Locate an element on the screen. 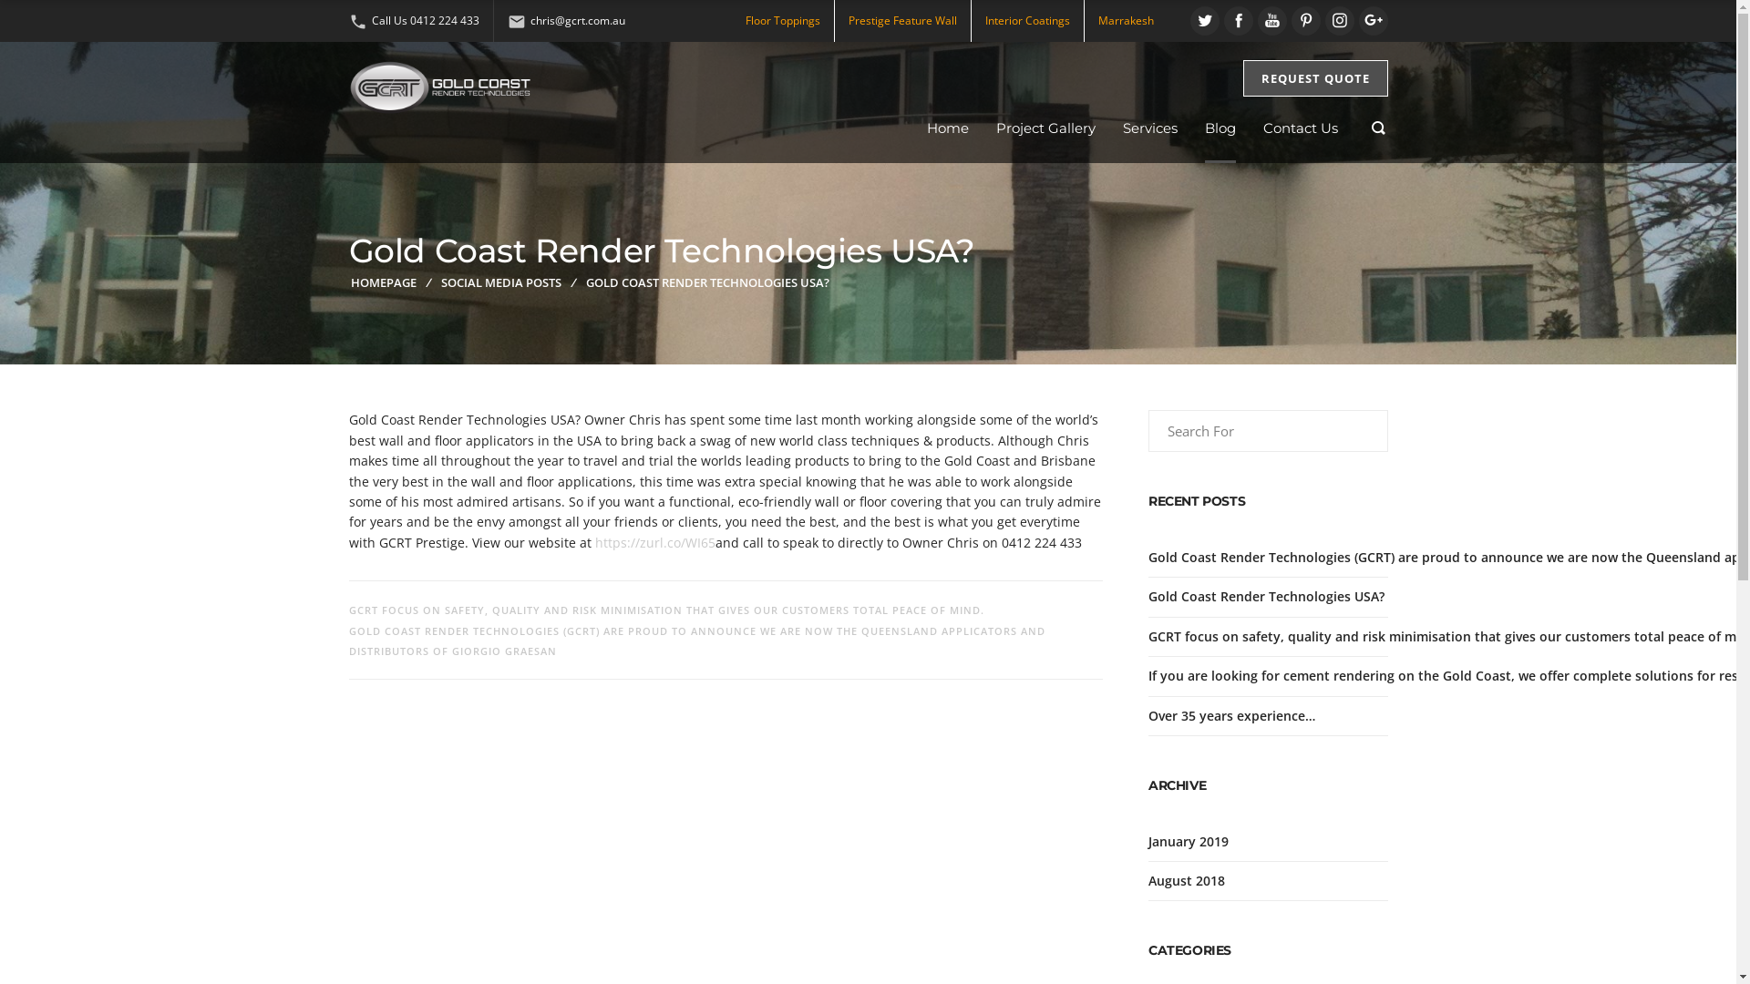 The height and width of the screenshot is (984, 1750). 'HOMEPAGE' is located at coordinates (350, 282).